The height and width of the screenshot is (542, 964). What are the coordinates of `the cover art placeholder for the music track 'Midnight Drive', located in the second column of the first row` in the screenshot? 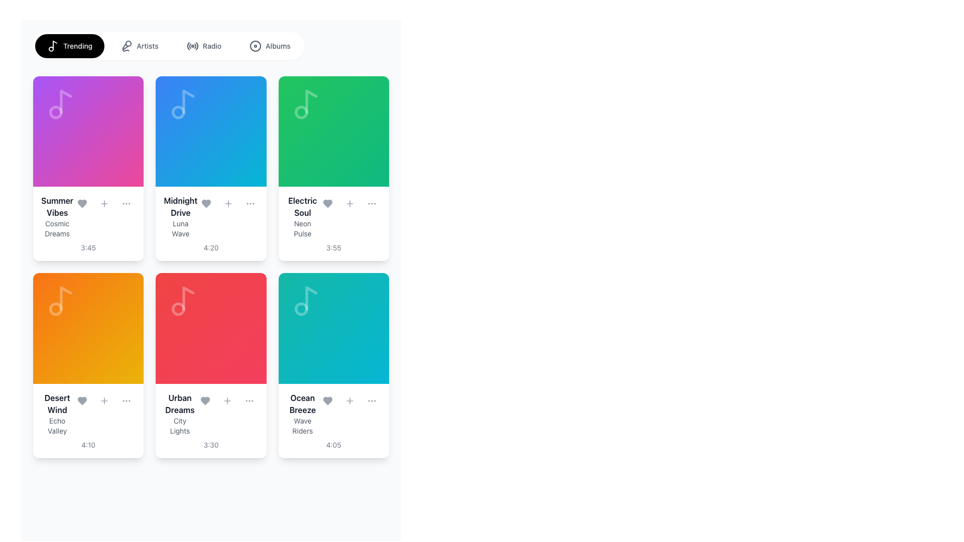 It's located at (210, 131).